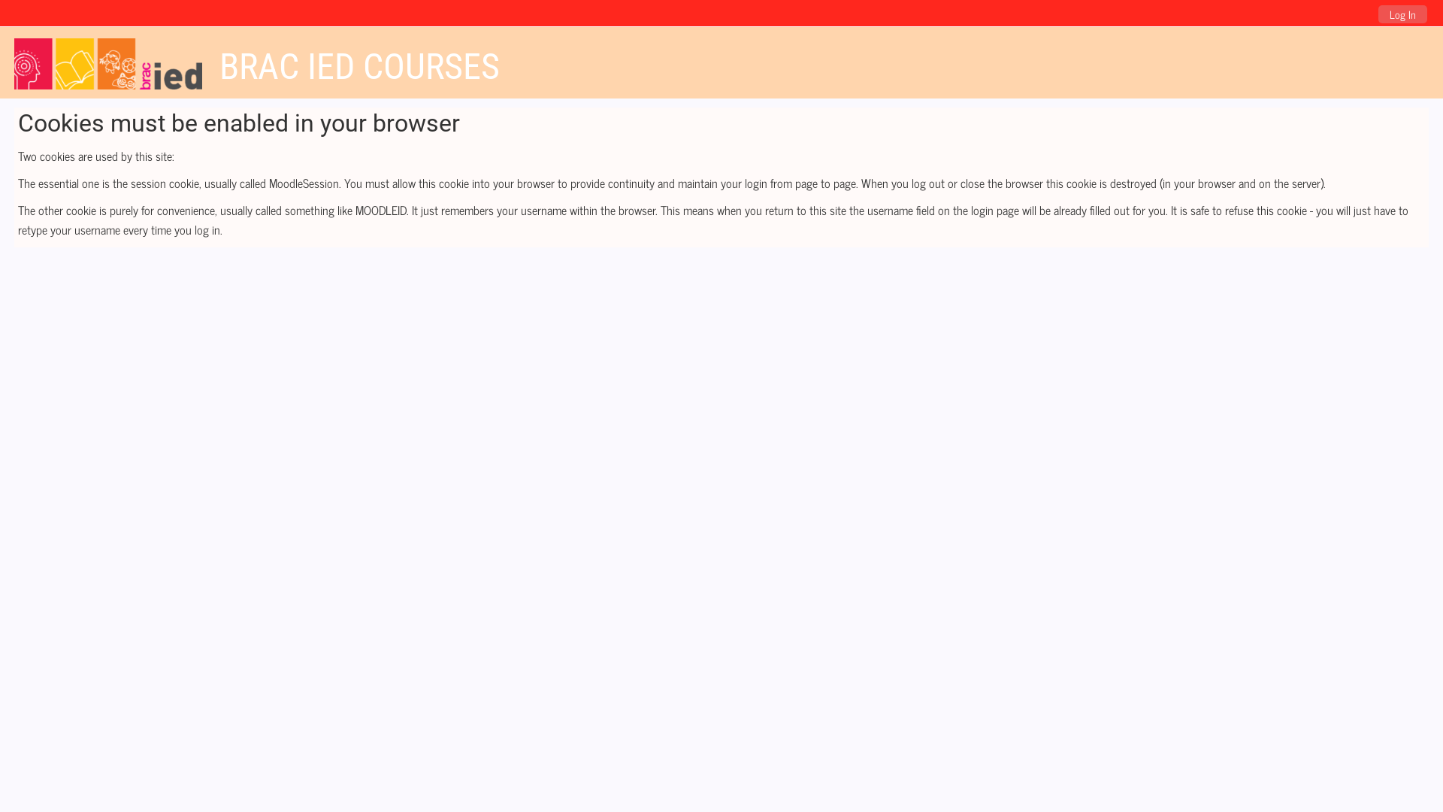 Image resolution: width=1443 pixels, height=812 pixels. I want to click on 'Log In', so click(1402, 14).